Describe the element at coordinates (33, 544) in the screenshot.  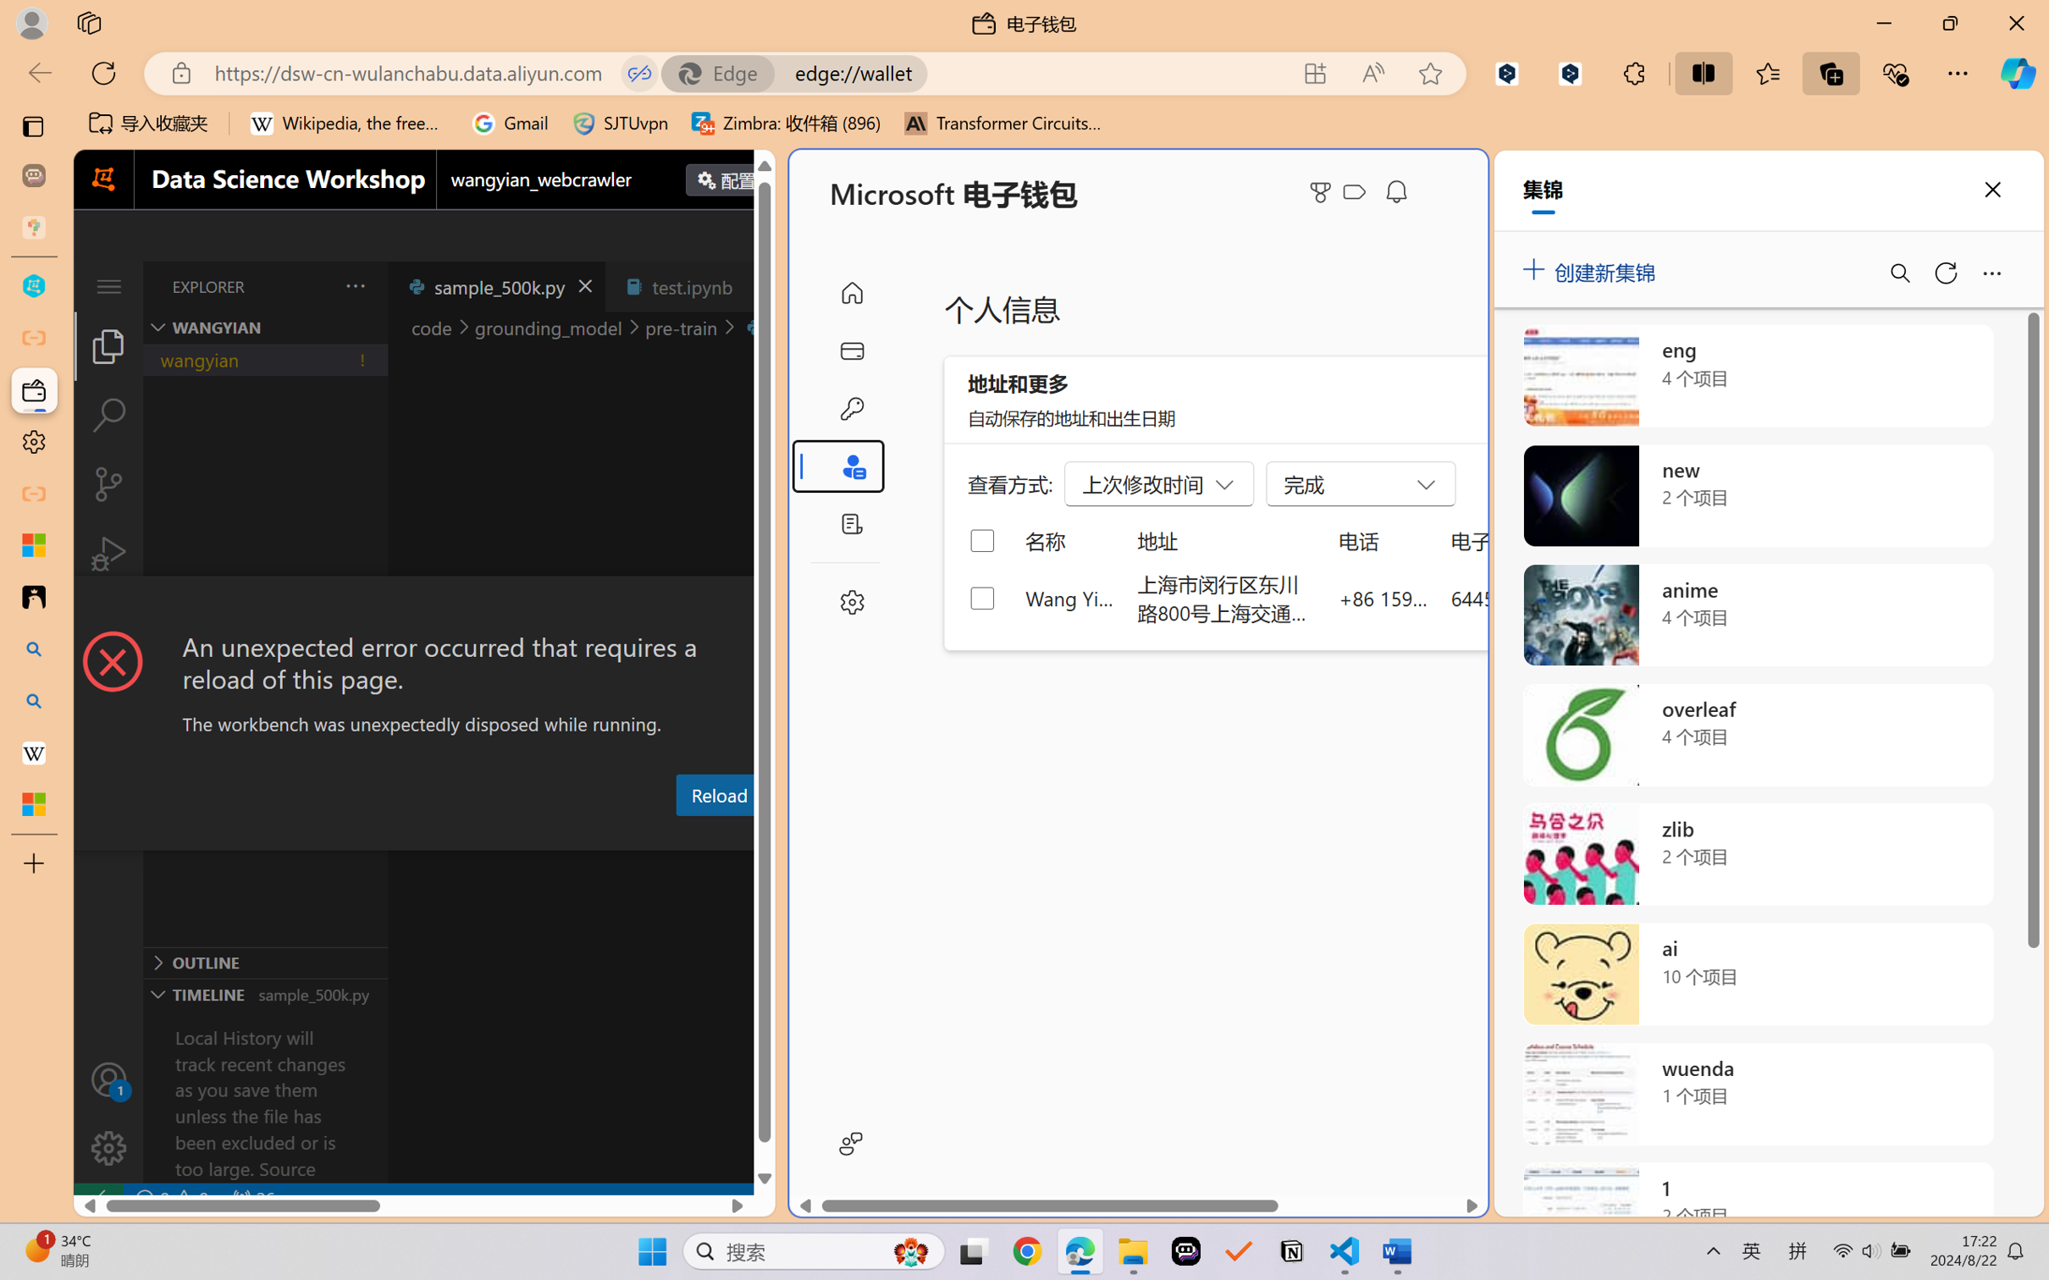
I see `'Microsoft security help and learning'` at that location.